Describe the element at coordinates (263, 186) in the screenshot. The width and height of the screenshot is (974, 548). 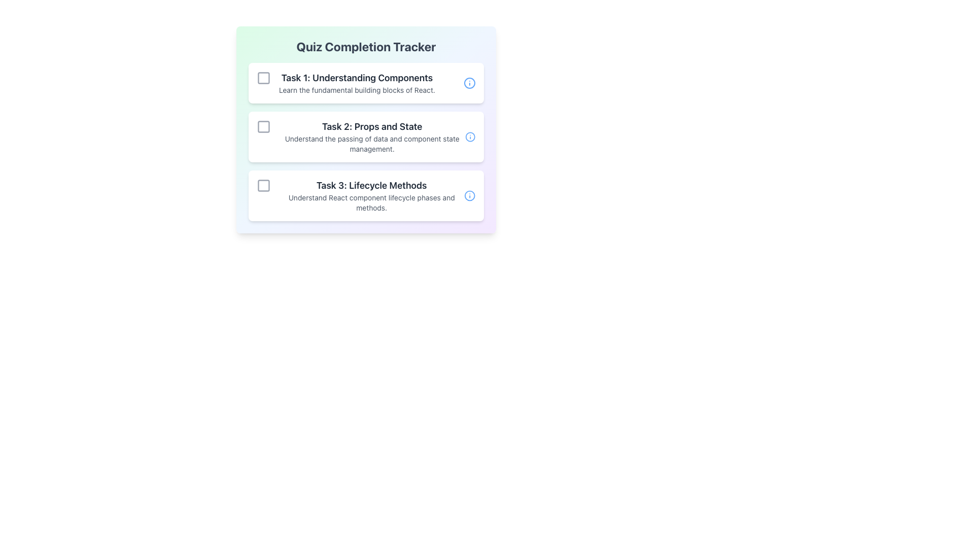
I see `the checkbox associated with 'Task 3: Lifecycle Methods' in the 'Quiz Completion Tracker' interface` at that location.